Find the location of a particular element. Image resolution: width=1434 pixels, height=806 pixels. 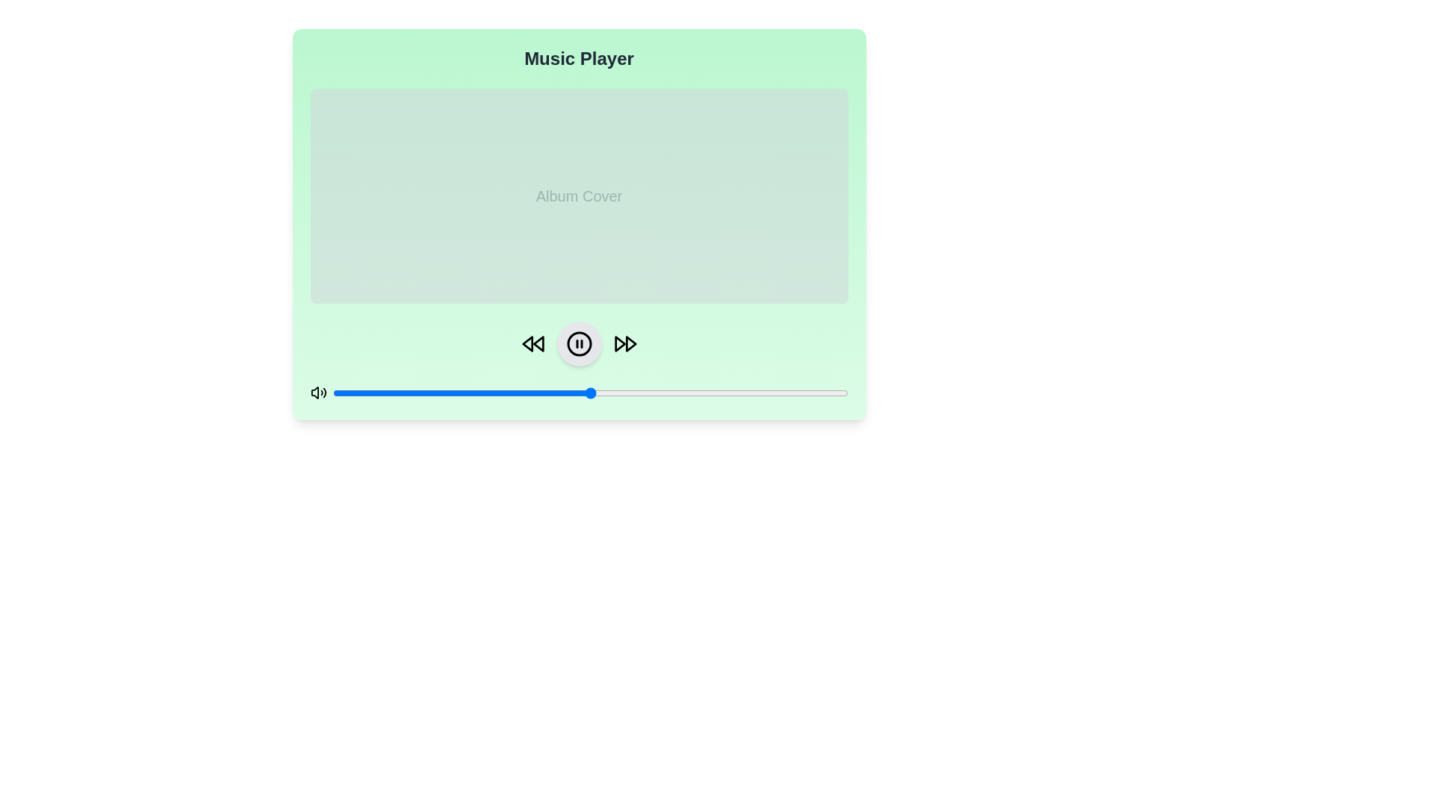

the slider position is located at coordinates (765, 393).